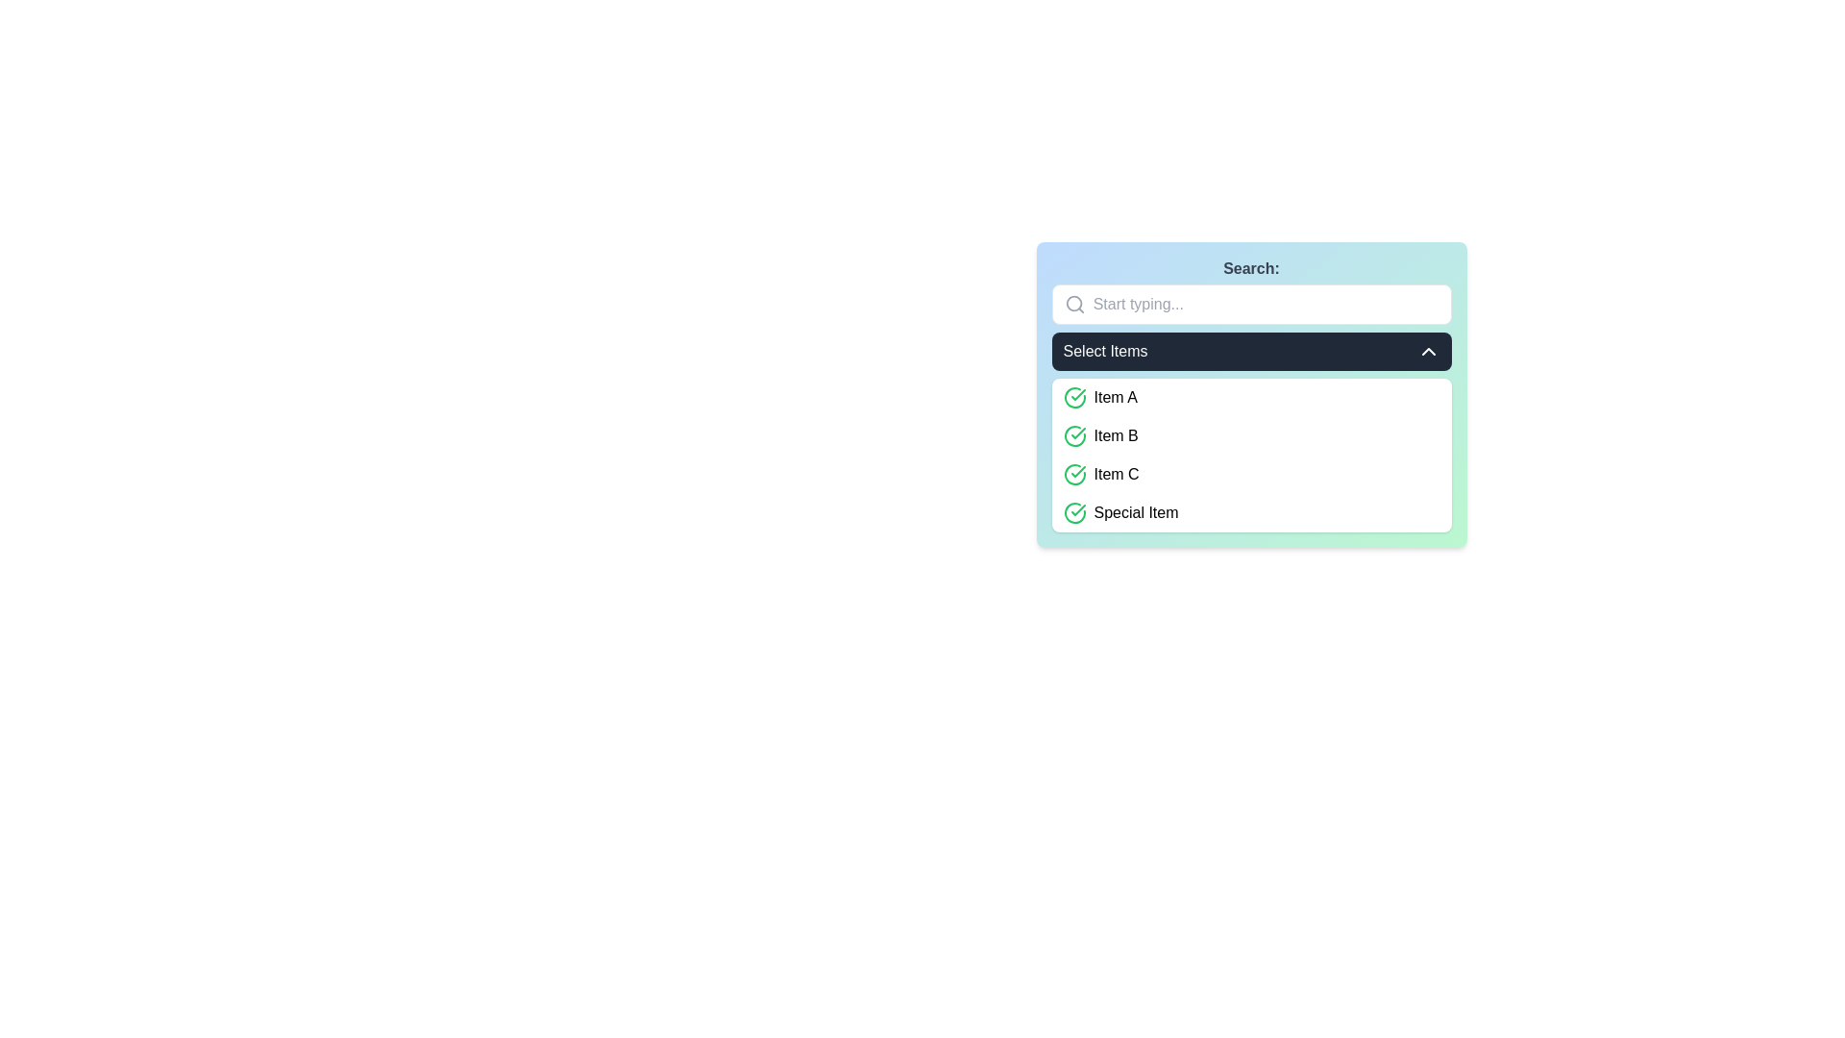 The width and height of the screenshot is (1845, 1038). I want to click on the green checkmark icon indicating selection for 'Item A' in the interactive list, so click(1078, 471).